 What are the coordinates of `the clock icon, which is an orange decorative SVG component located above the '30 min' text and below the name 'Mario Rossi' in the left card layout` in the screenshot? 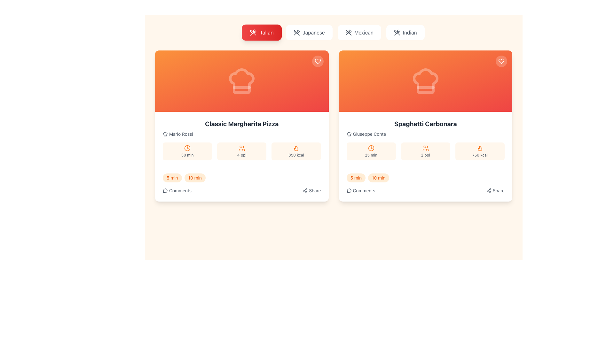 It's located at (187, 148).